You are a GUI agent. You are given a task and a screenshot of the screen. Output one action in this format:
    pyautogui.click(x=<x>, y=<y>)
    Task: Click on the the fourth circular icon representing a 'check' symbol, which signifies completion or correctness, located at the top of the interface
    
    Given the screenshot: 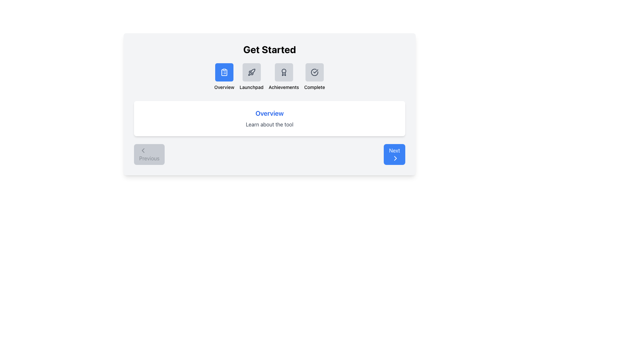 What is the action you would take?
    pyautogui.click(x=316, y=71)
    